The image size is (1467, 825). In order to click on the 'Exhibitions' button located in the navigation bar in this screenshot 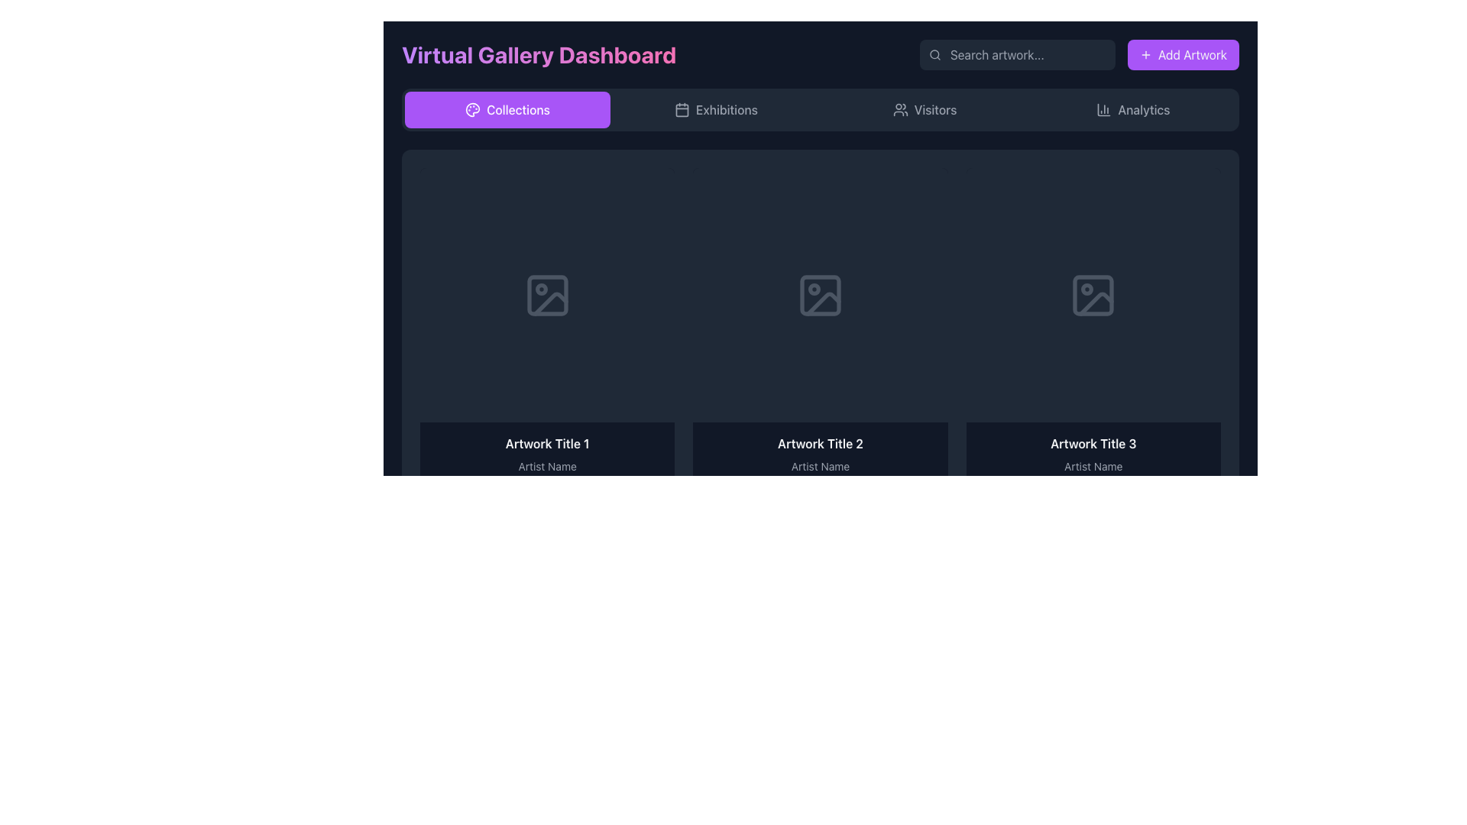, I will do `click(715, 108)`.